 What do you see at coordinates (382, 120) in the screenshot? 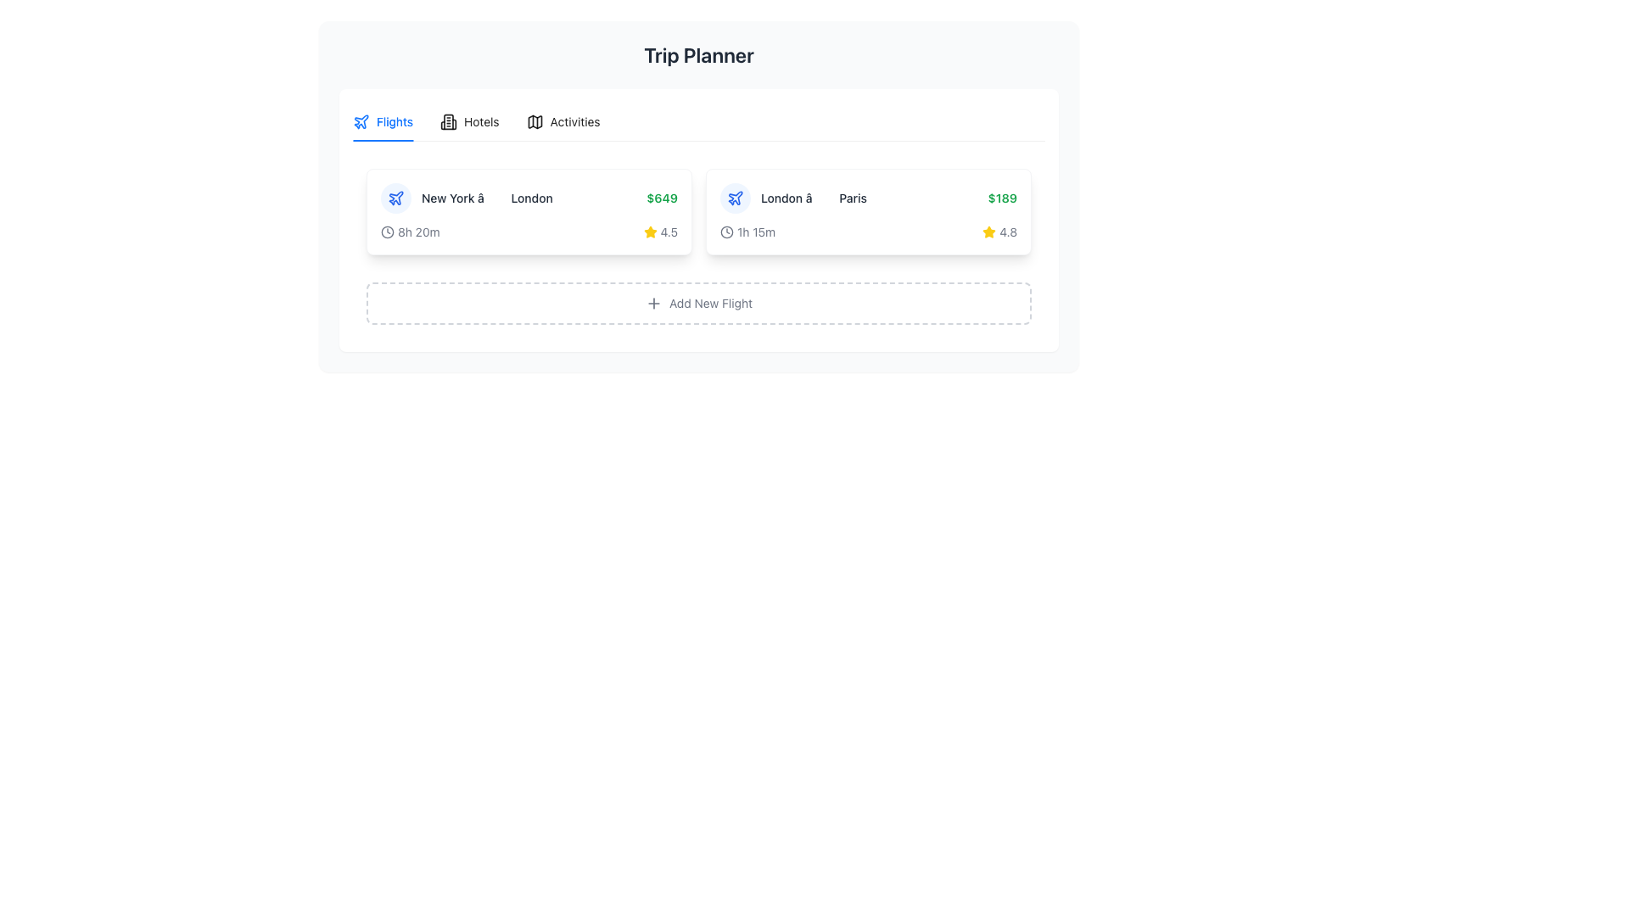
I see `the first tab of the 'Trip Planner' navigation labeled 'Flights'` at bounding box center [382, 120].